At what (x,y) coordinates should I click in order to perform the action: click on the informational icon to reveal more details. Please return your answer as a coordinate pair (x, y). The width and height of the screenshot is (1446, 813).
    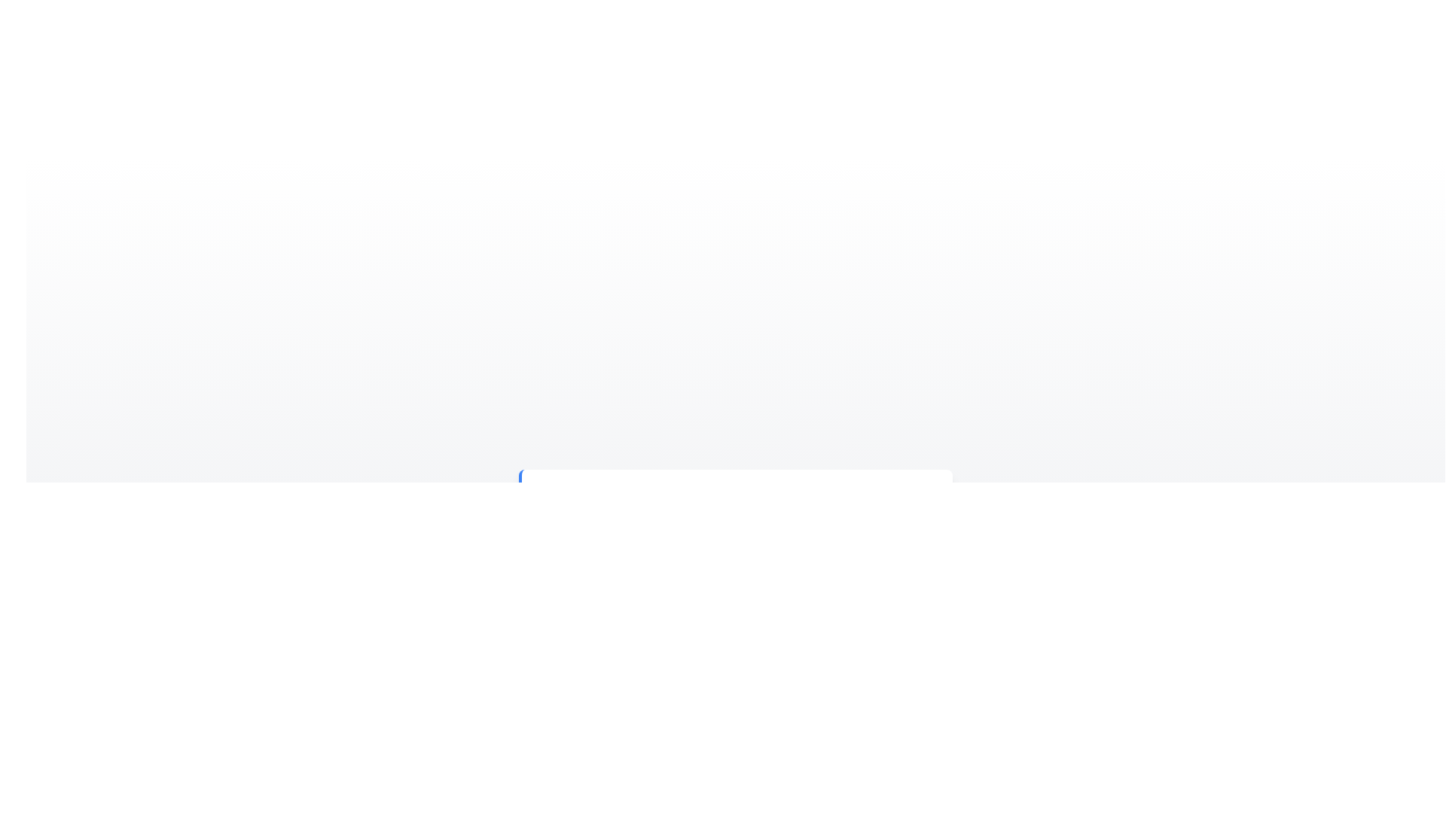
    Looking at the image, I should click on (554, 502).